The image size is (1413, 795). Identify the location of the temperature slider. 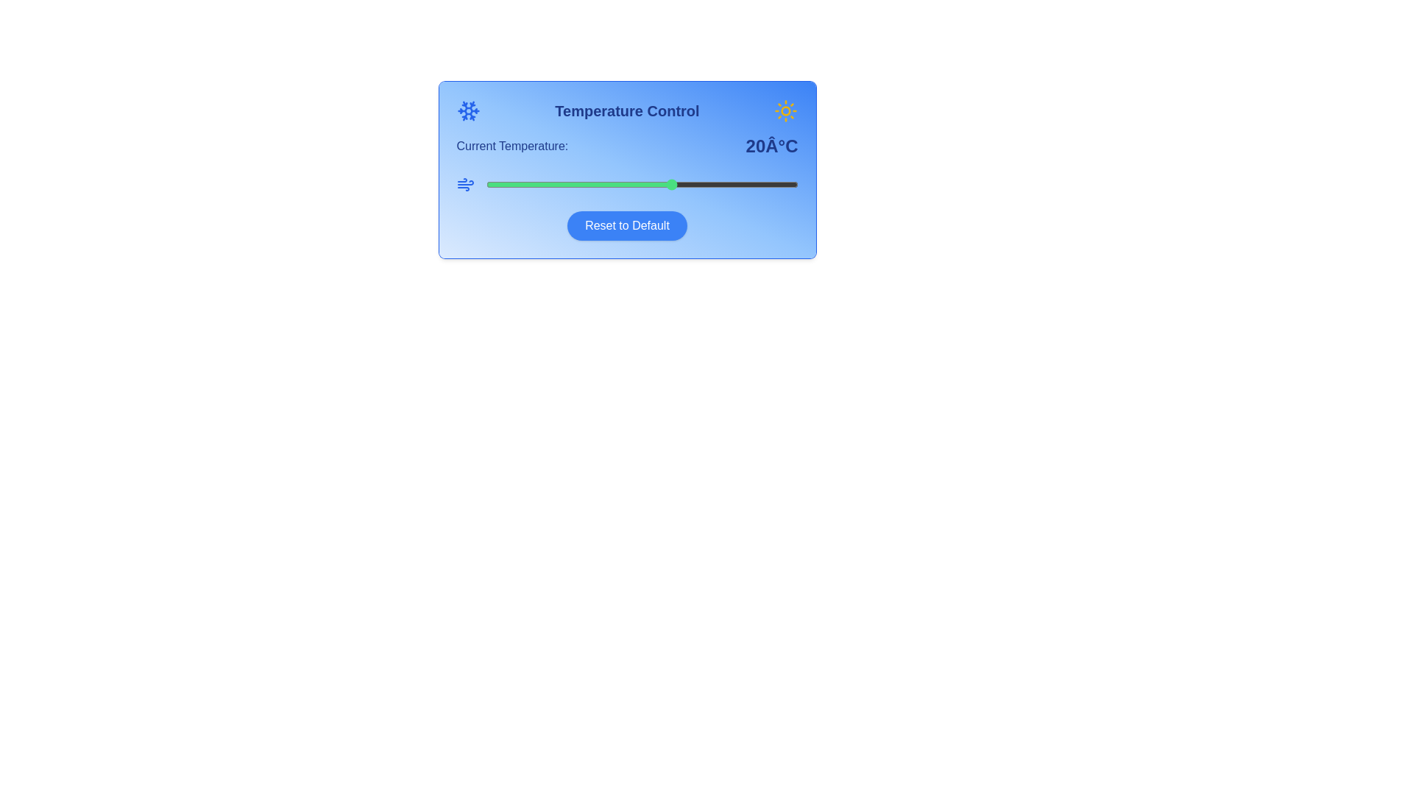
(704, 183).